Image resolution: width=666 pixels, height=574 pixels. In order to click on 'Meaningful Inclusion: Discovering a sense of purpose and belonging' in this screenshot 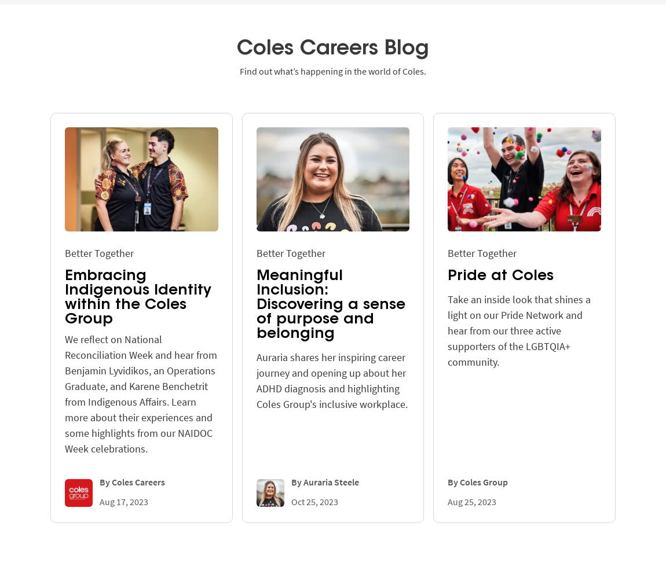, I will do `click(255, 304)`.